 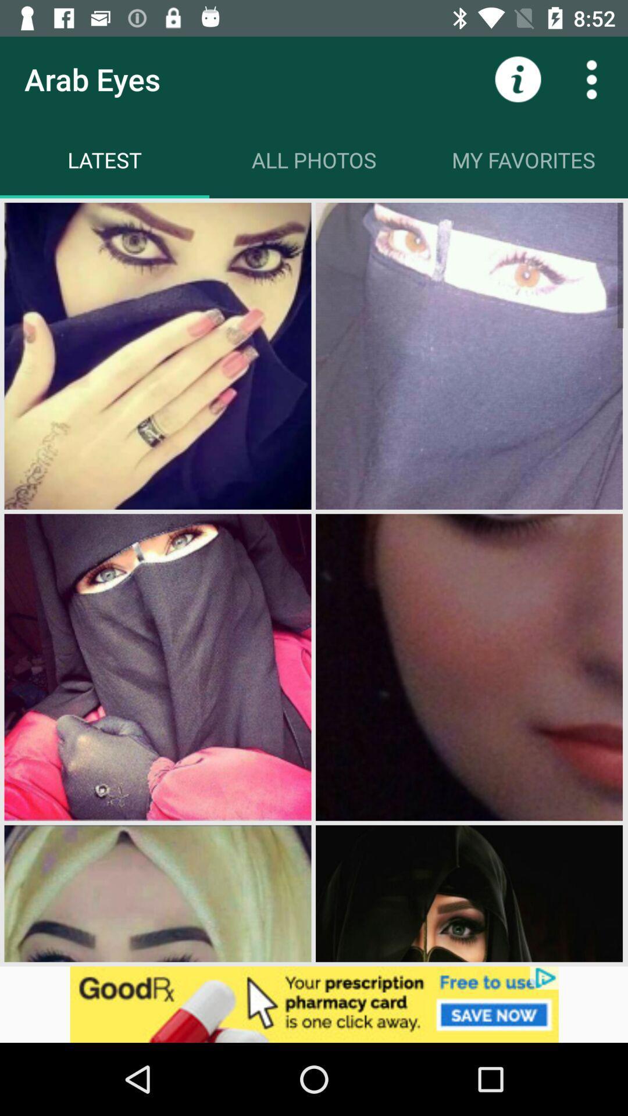 What do you see at coordinates (591, 78) in the screenshot?
I see `more datails` at bounding box center [591, 78].